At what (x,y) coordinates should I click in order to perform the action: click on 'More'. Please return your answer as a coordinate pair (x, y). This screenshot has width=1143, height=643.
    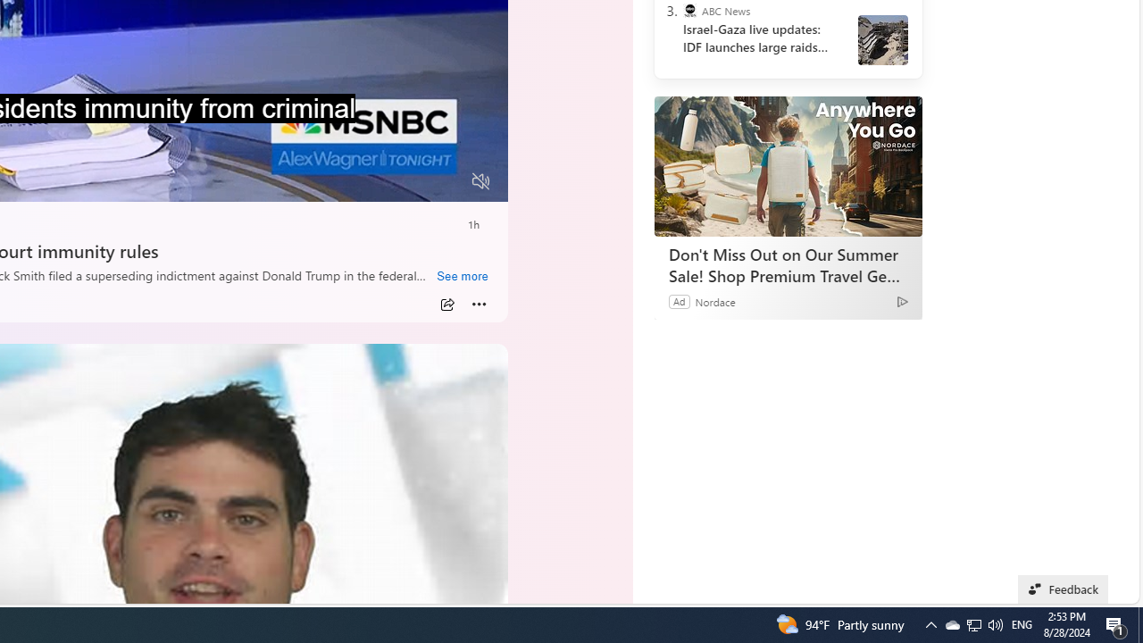
    Looking at the image, I should click on (479, 304).